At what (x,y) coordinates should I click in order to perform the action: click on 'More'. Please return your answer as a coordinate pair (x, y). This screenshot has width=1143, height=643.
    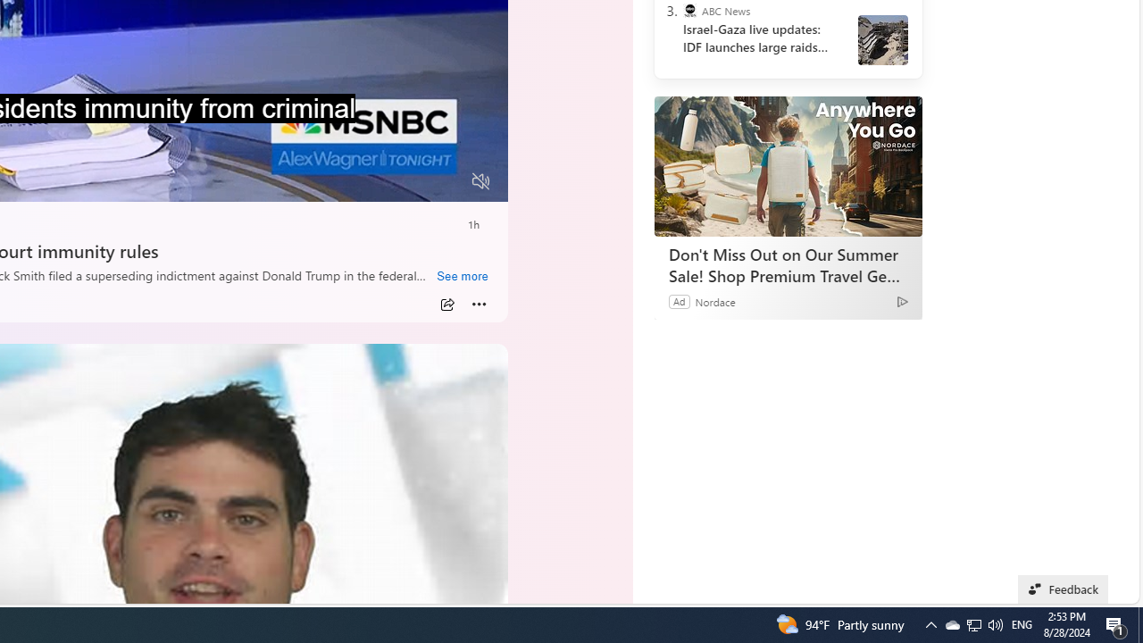
    Looking at the image, I should click on (479, 304).